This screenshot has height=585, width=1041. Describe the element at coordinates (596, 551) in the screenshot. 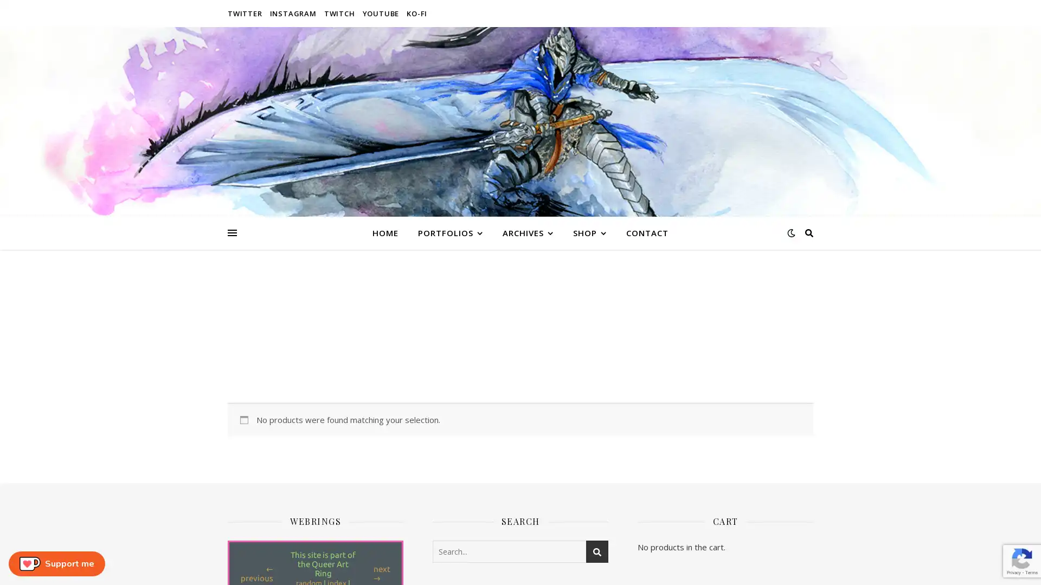

I see `st` at that location.